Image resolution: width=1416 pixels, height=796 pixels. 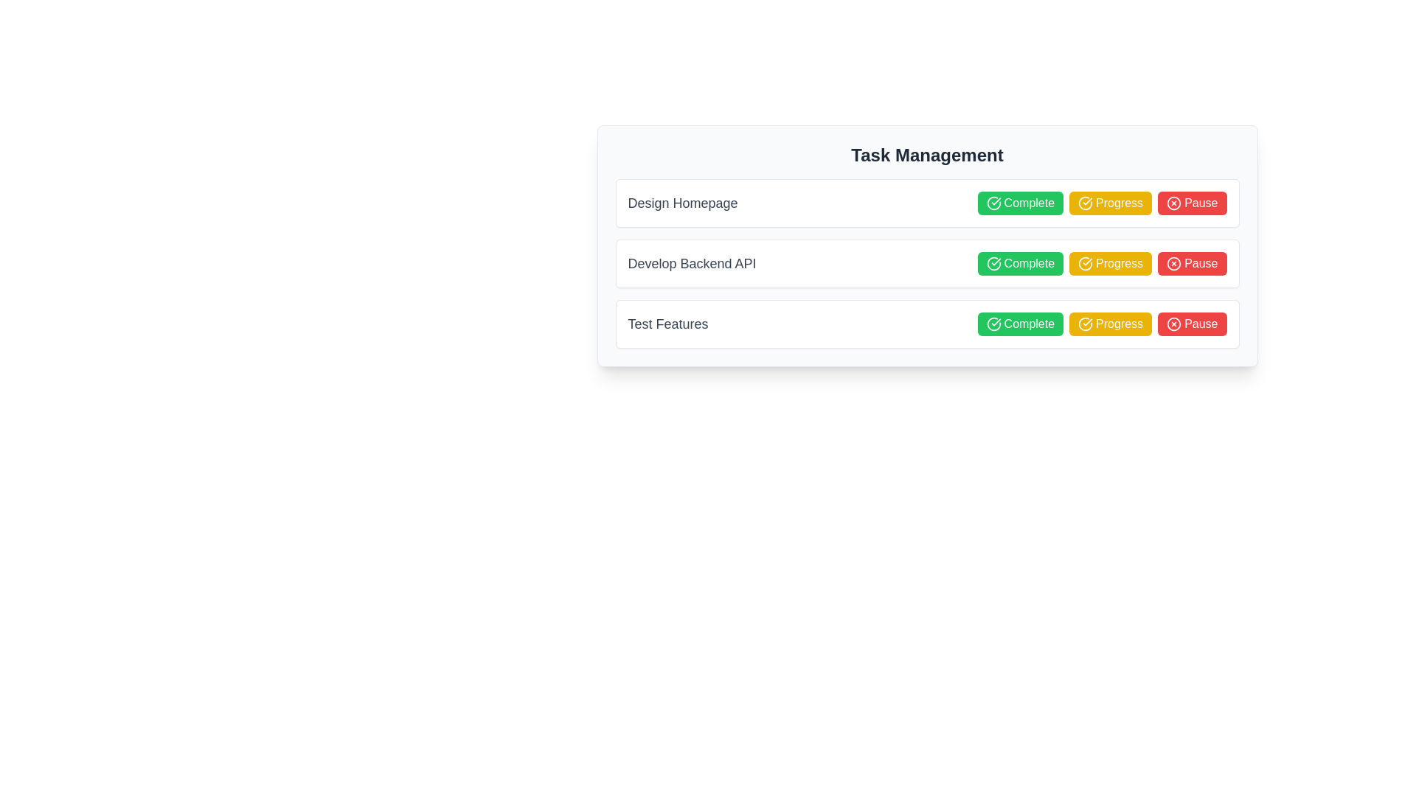 I want to click on the 'Progress' button, which is the middle button in a row of three buttons with a yellow background and white text in the task management interface, so click(x=1102, y=203).